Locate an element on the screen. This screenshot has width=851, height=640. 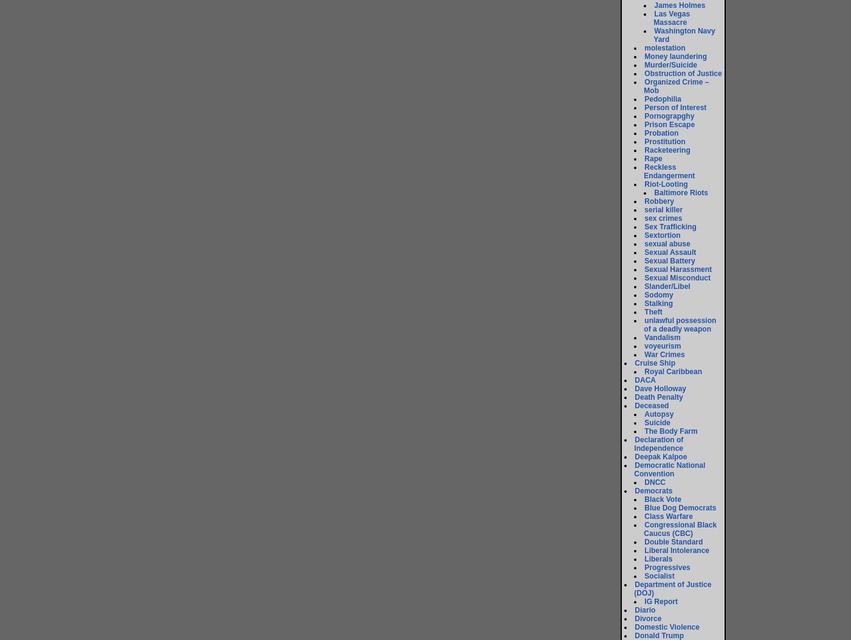
'IG Report' is located at coordinates (644, 601).